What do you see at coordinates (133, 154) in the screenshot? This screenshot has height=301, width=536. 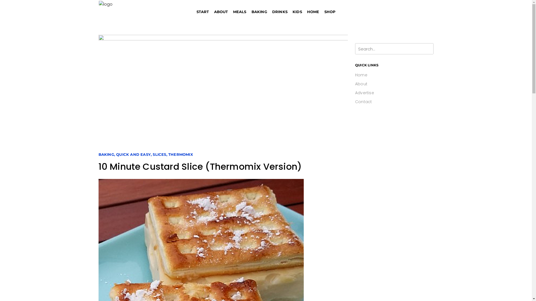 I see `'QUICK AND EASY'` at bounding box center [133, 154].